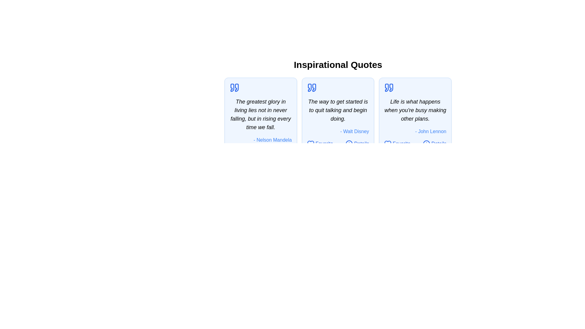 Image resolution: width=585 pixels, height=329 pixels. What do you see at coordinates (320, 143) in the screenshot?
I see `the clickable text label with an accompanying icon in the bottom-left corner of the middle card to mark it as a favorite` at bounding box center [320, 143].